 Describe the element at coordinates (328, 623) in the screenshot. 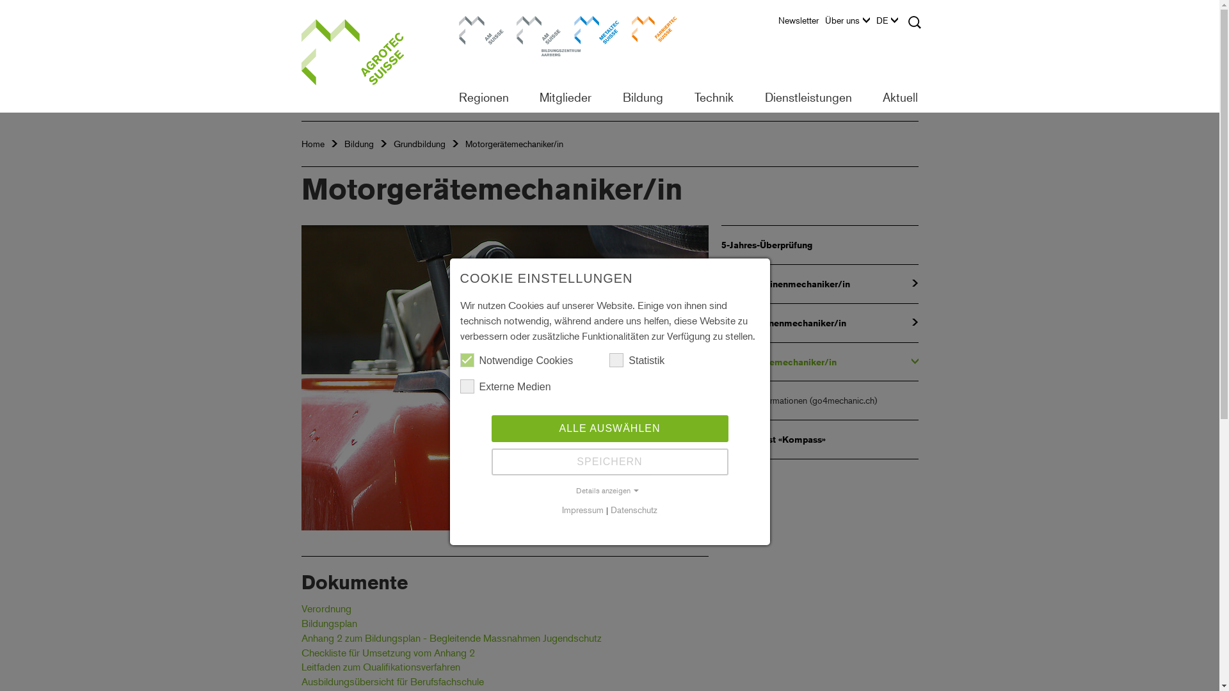

I see `'Bildungsplan'` at that location.